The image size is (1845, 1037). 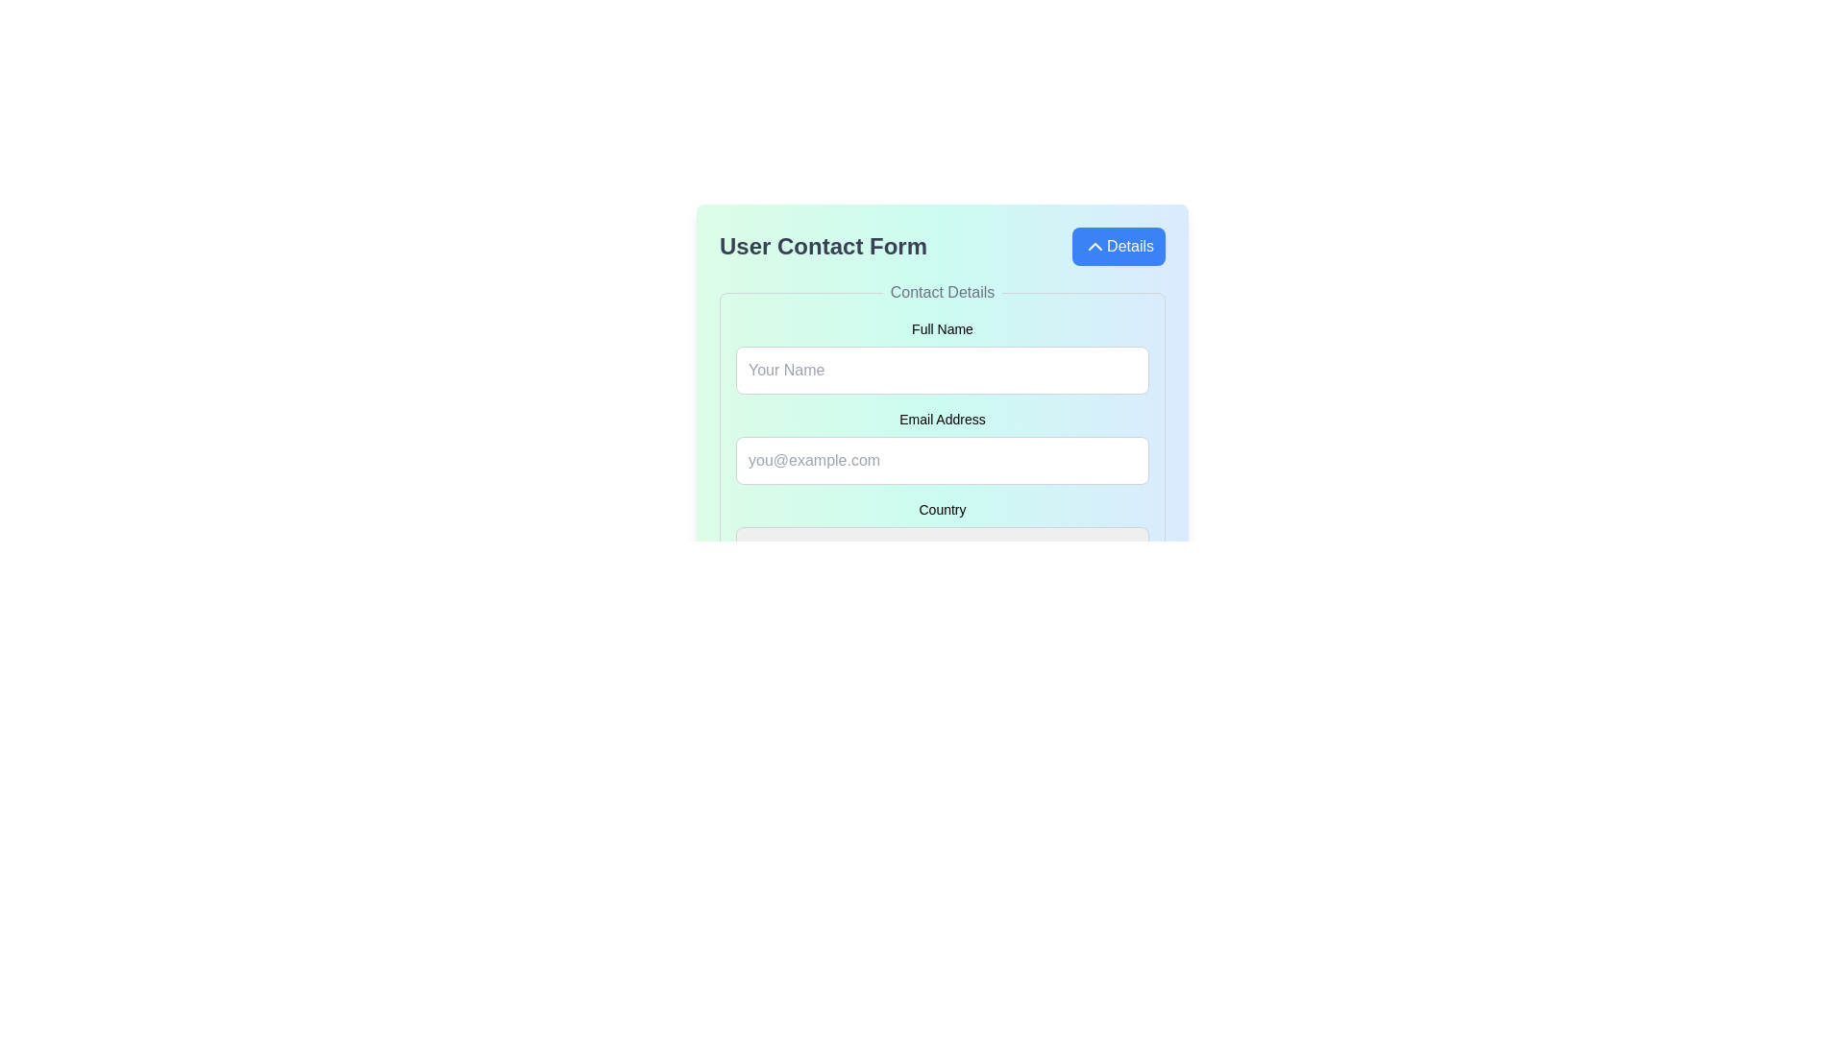 I want to click on the 'Email Address' label in the 'User Contact Form', which is displayed in bold and positioned above the email input field, so click(x=942, y=418).